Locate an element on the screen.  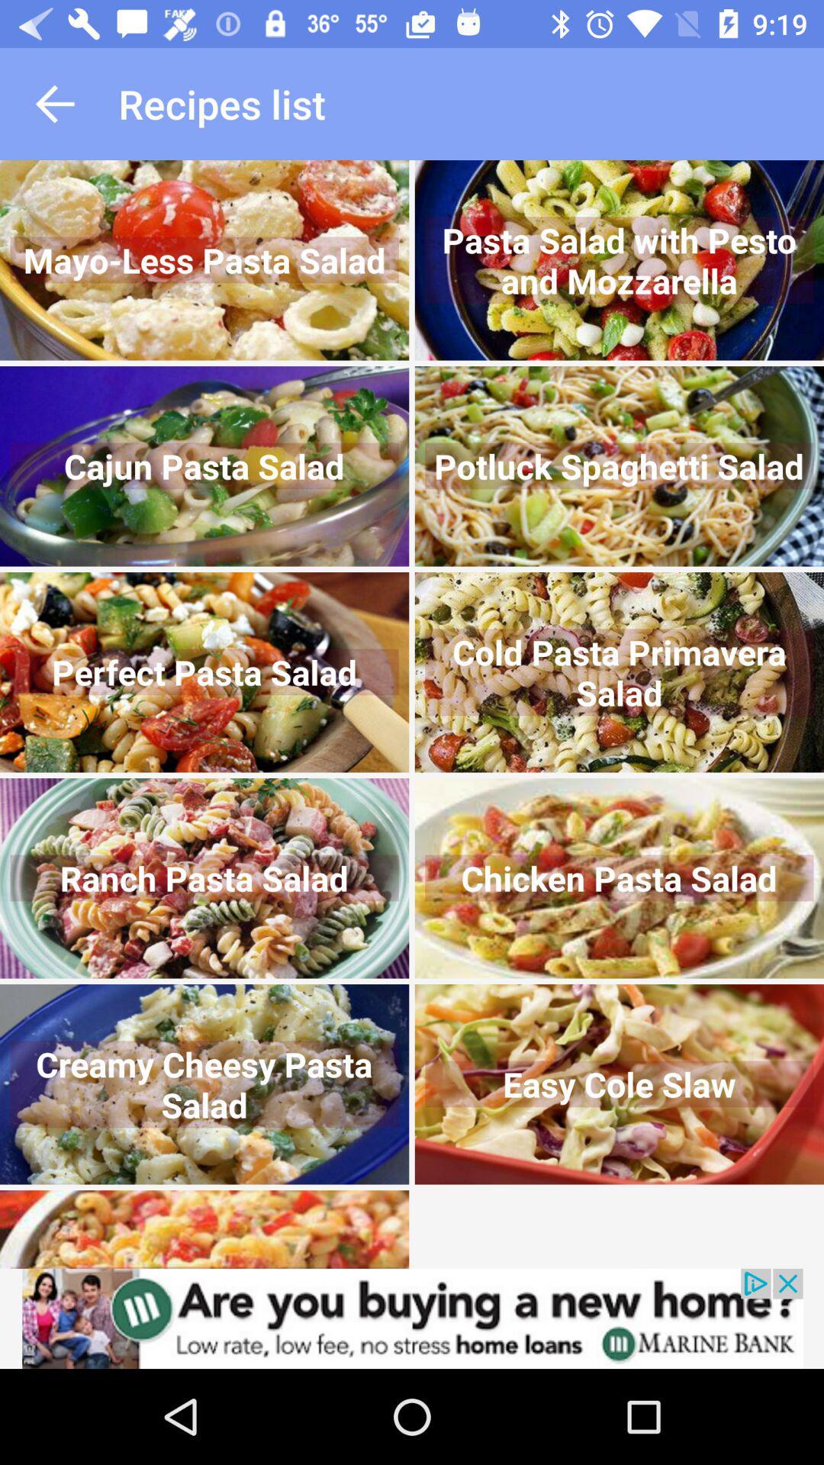
the image second column right side is located at coordinates (620, 465).